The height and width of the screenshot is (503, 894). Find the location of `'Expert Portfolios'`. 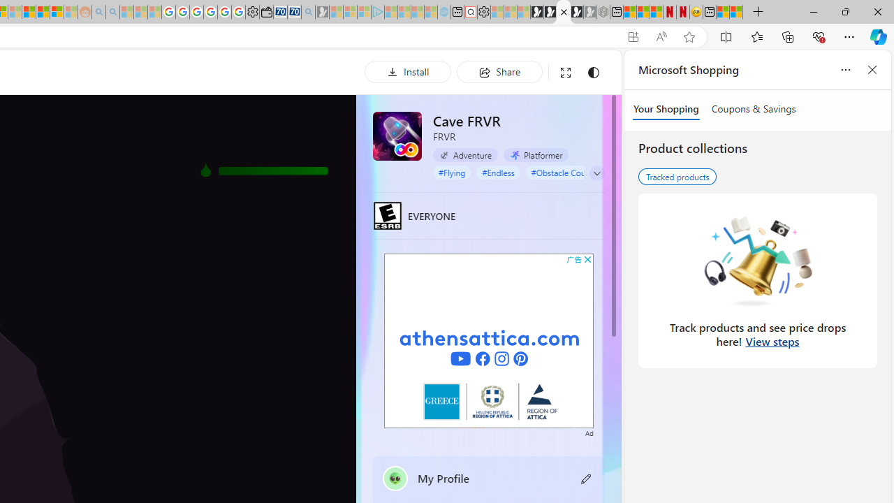

'Expert Portfolios' is located at coordinates (29, 12).